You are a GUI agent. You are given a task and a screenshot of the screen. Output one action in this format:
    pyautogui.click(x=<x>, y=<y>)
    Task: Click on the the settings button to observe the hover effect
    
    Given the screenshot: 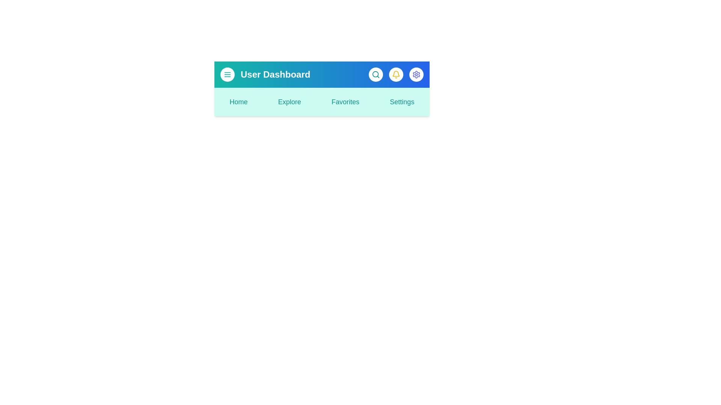 What is the action you would take?
    pyautogui.click(x=416, y=75)
    